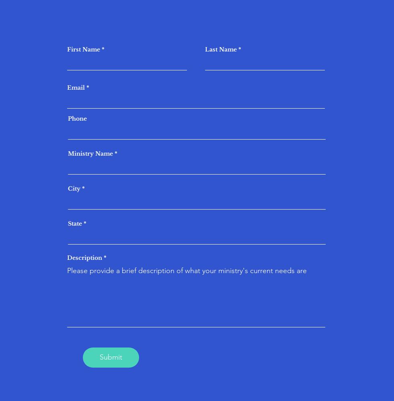  What do you see at coordinates (76, 87) in the screenshot?
I see `'Email'` at bounding box center [76, 87].